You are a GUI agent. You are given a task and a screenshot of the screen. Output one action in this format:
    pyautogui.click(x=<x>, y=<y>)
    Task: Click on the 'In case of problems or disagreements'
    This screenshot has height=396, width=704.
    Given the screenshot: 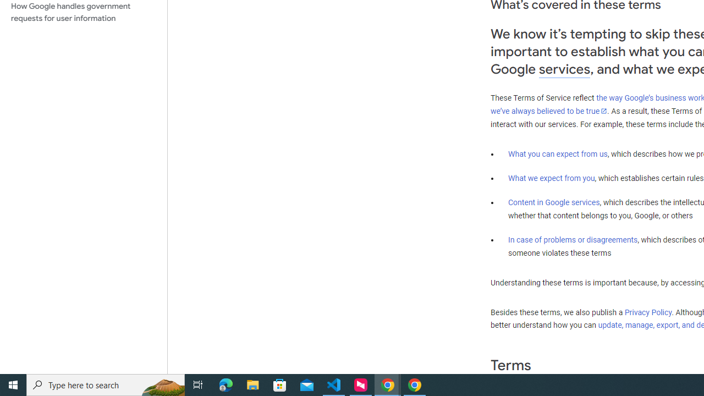 What is the action you would take?
    pyautogui.click(x=572, y=239)
    